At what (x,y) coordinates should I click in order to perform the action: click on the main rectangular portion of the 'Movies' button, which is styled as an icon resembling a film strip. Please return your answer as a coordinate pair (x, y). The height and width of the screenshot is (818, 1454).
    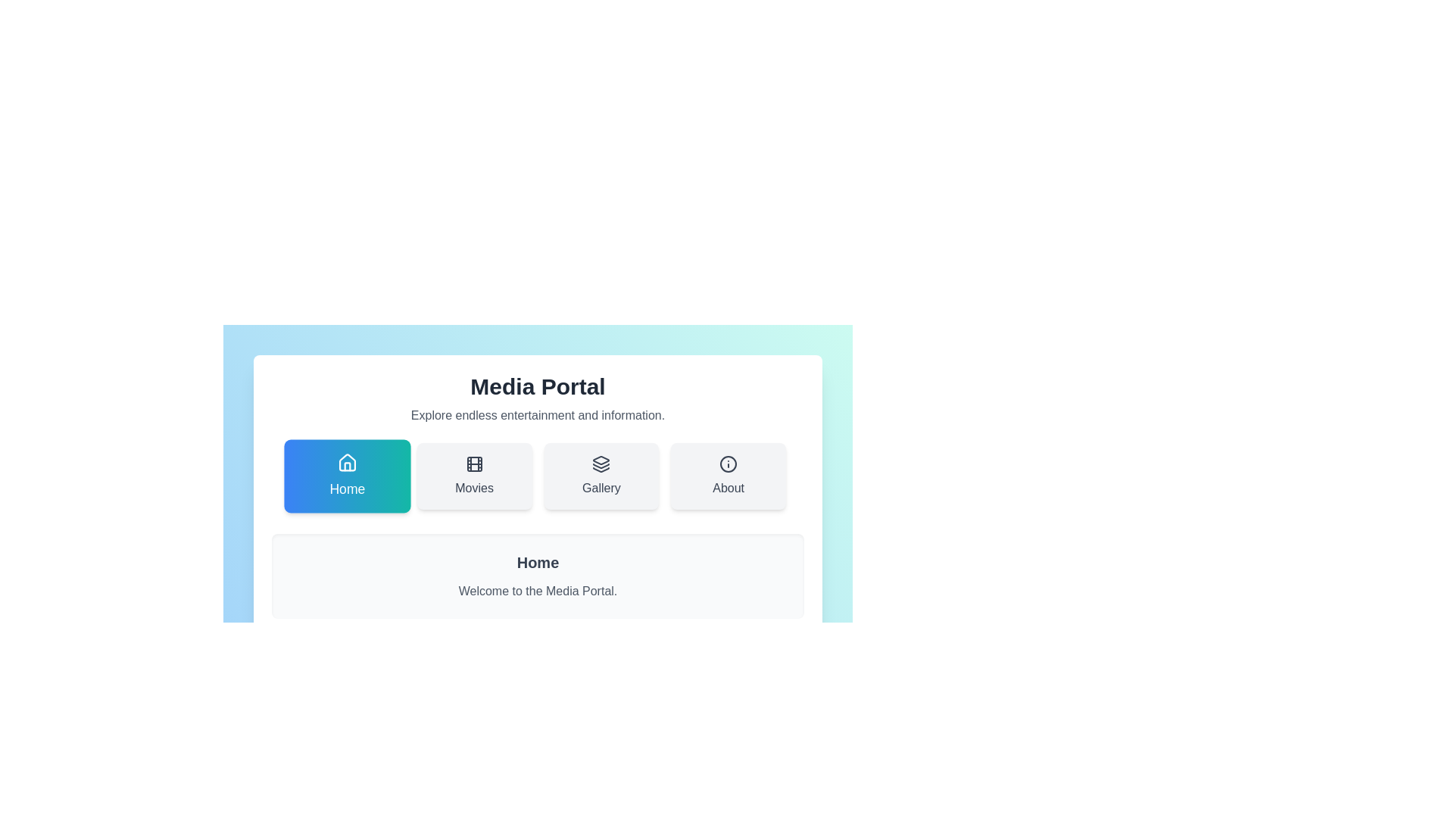
    Looking at the image, I should click on (473, 464).